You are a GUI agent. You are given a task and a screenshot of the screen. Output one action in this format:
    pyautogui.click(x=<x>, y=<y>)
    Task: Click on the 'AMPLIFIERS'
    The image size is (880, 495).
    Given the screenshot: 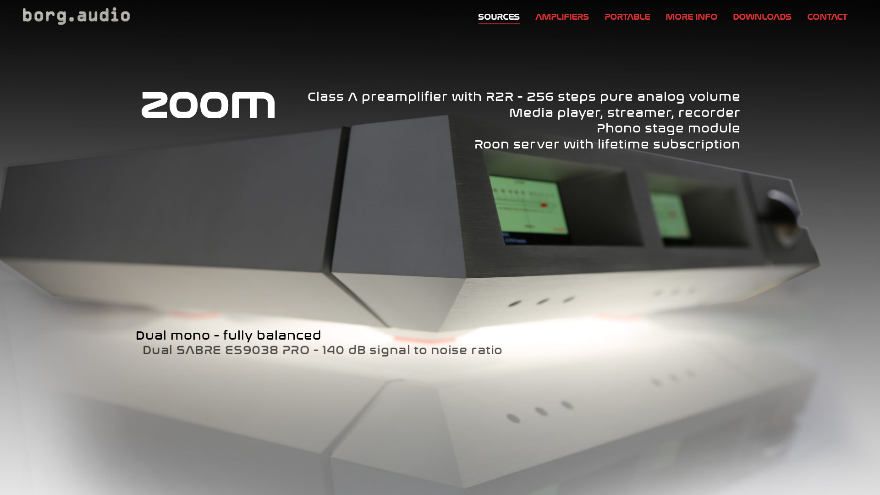 What is the action you would take?
    pyautogui.click(x=561, y=16)
    